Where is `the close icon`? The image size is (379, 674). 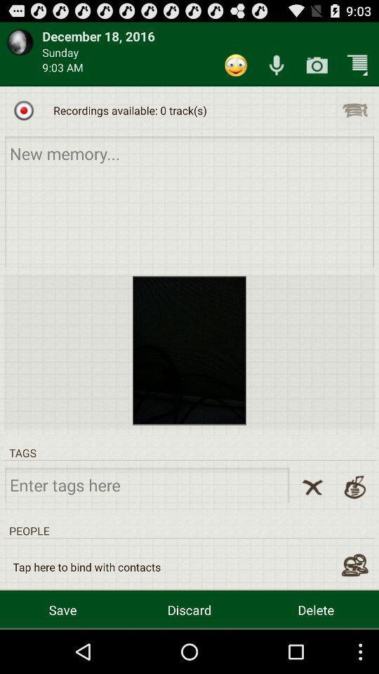
the close icon is located at coordinates (312, 520).